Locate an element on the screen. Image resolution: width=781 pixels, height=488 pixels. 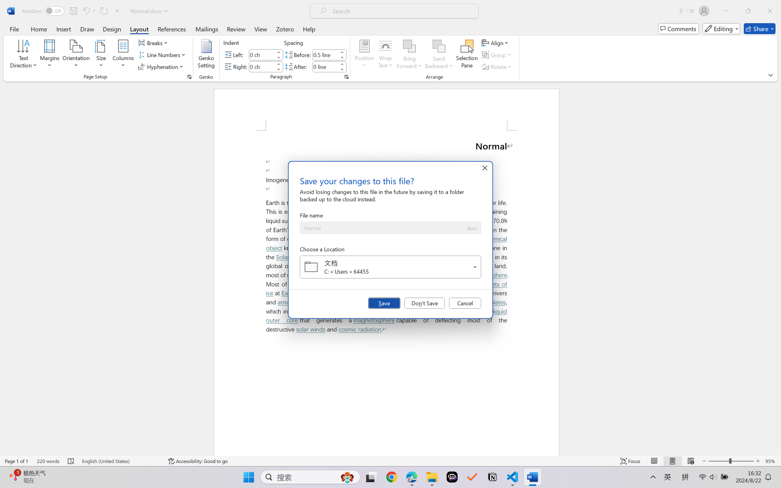
'Margins' is located at coordinates (49, 55).